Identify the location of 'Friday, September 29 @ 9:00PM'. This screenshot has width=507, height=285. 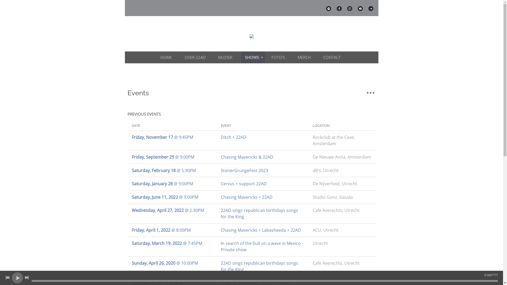
(172, 156).